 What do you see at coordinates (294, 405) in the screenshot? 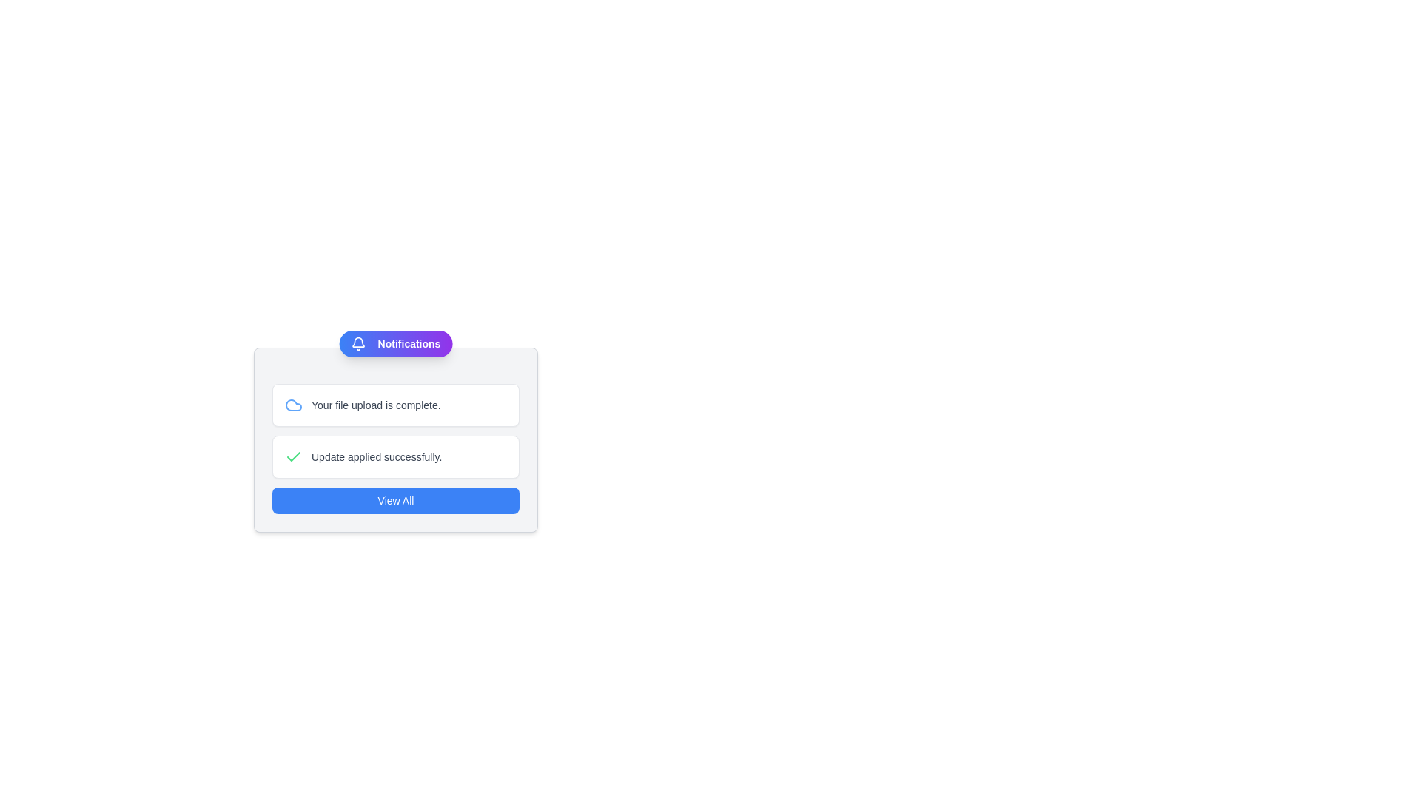
I see `the cloud-shaped icon in light blue color located on the left side of the notification card, which is the first item in a horizontal arrangement` at bounding box center [294, 405].